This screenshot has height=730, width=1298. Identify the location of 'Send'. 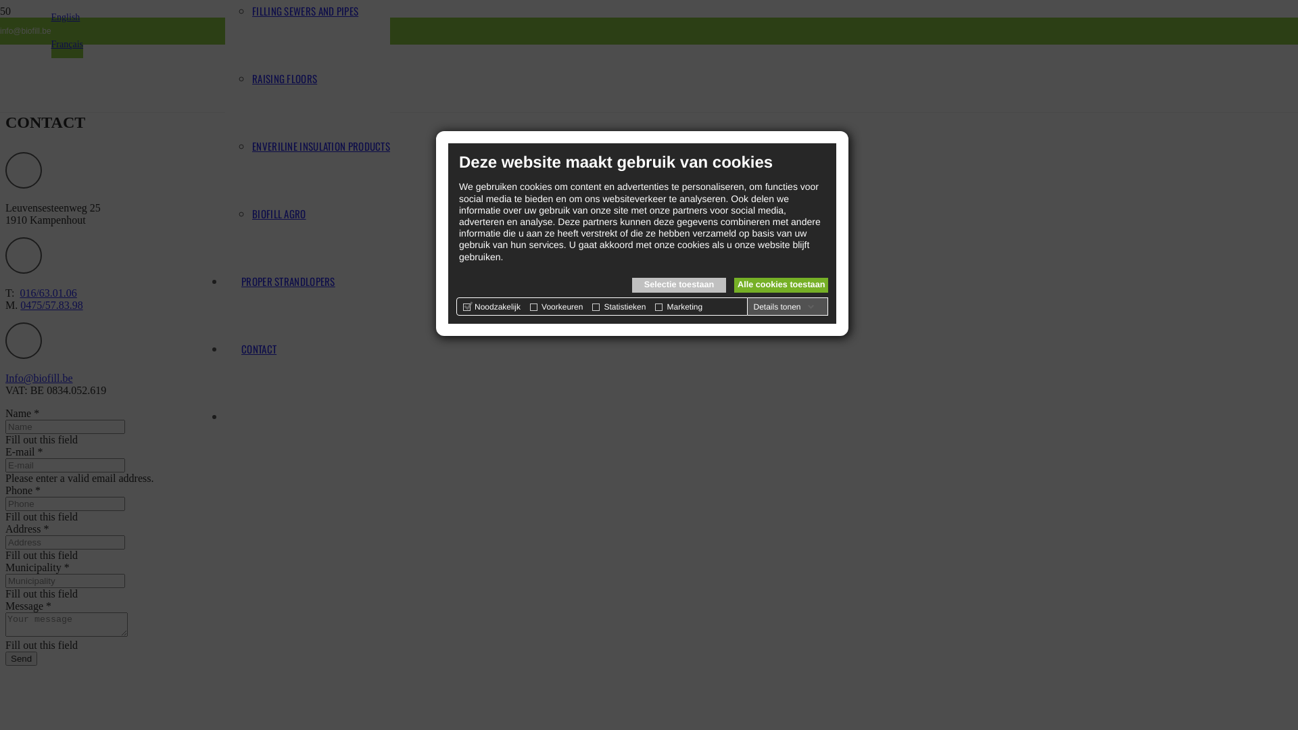
(21, 658).